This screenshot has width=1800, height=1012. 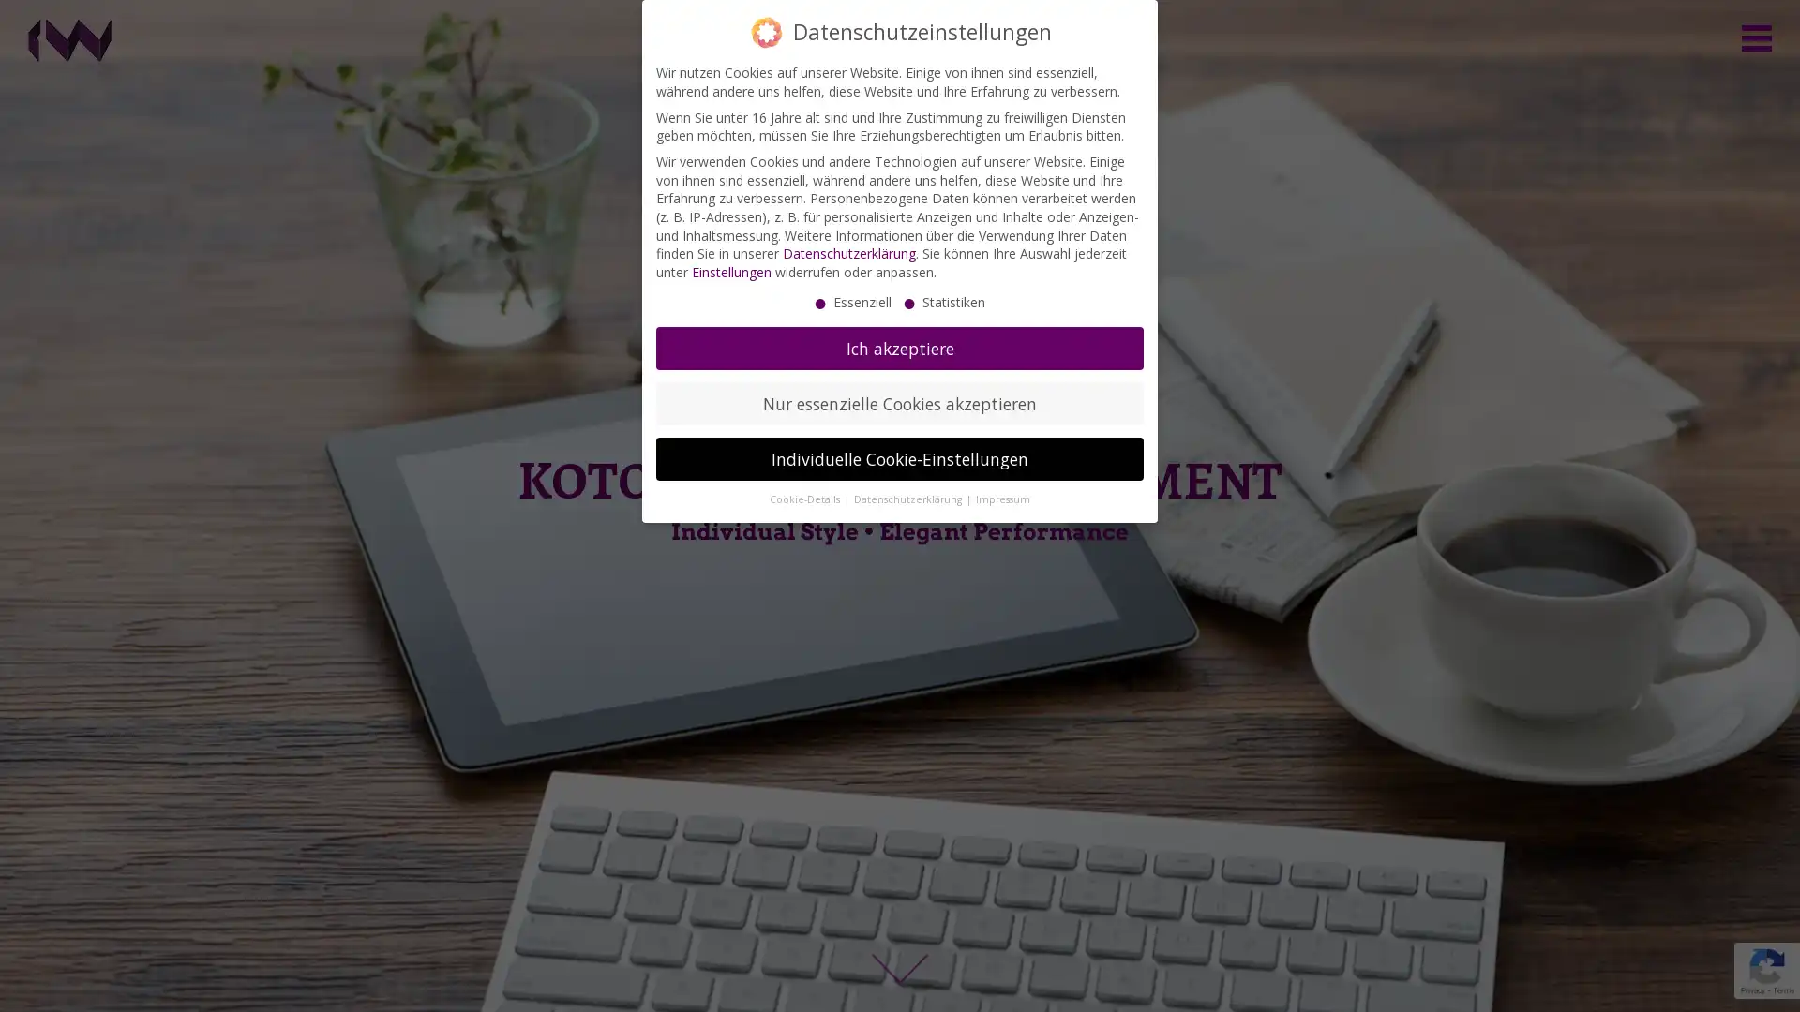 I want to click on Nur essenzielle Cookies akzeptieren, so click(x=785, y=849).